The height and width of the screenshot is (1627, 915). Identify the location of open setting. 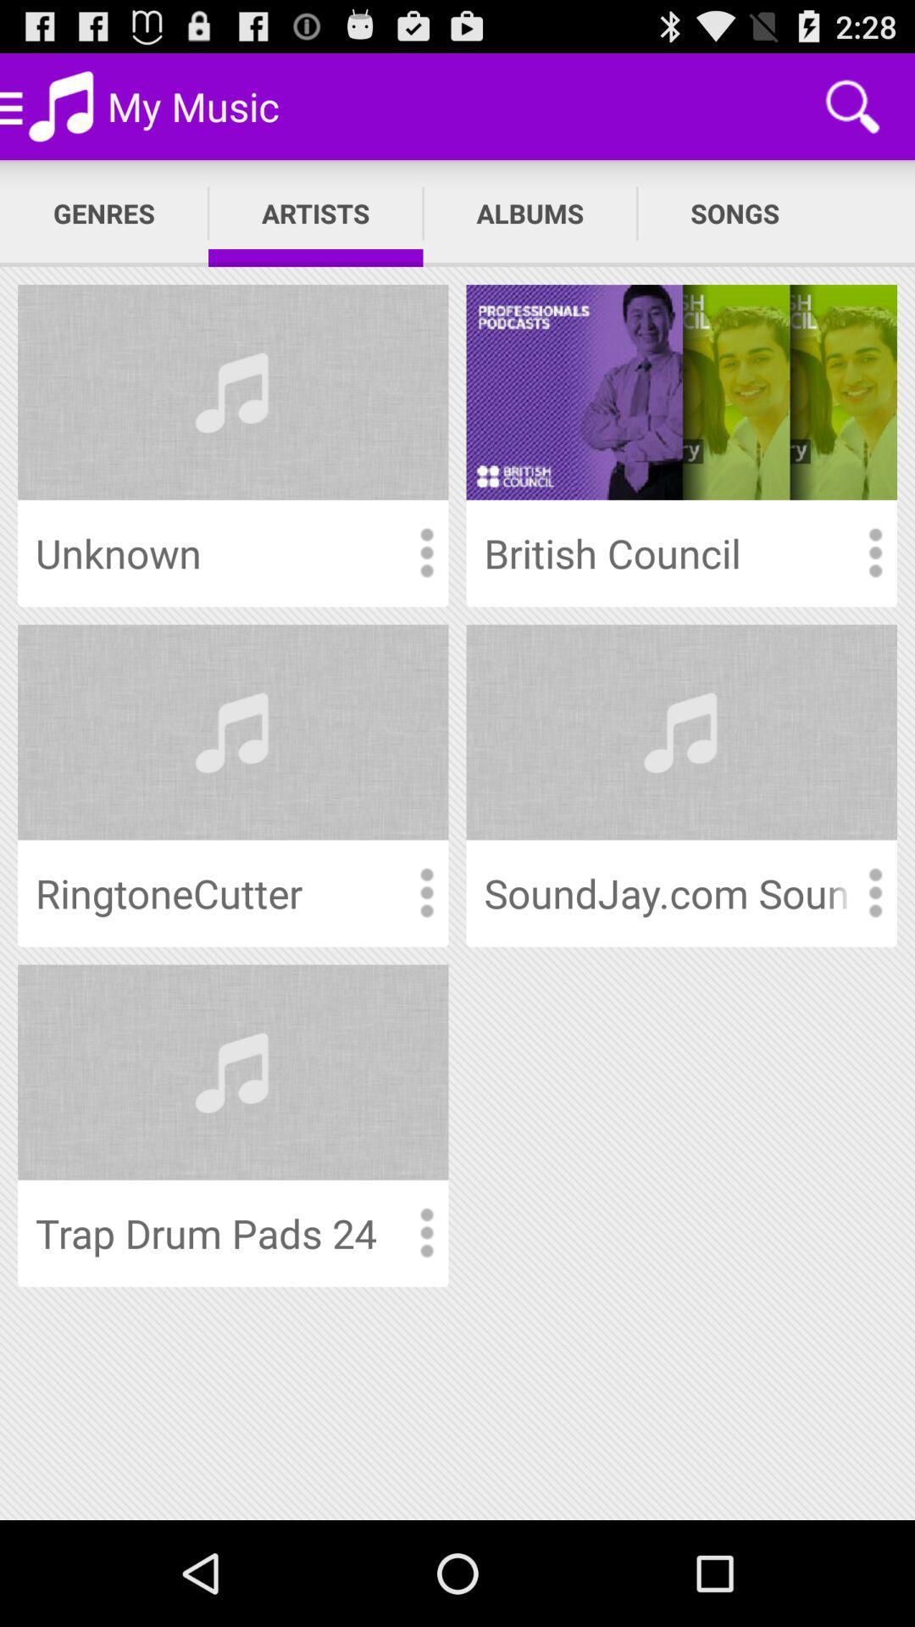
(425, 553).